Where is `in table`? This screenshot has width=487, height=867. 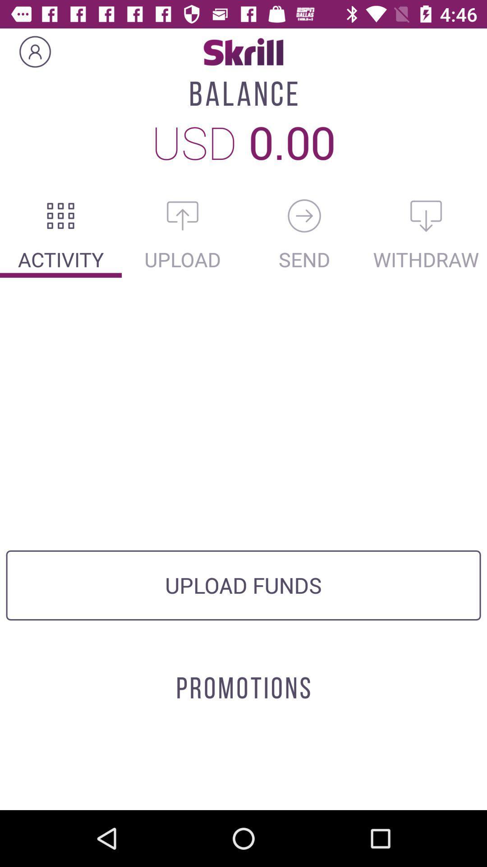 in table is located at coordinates (61, 215).